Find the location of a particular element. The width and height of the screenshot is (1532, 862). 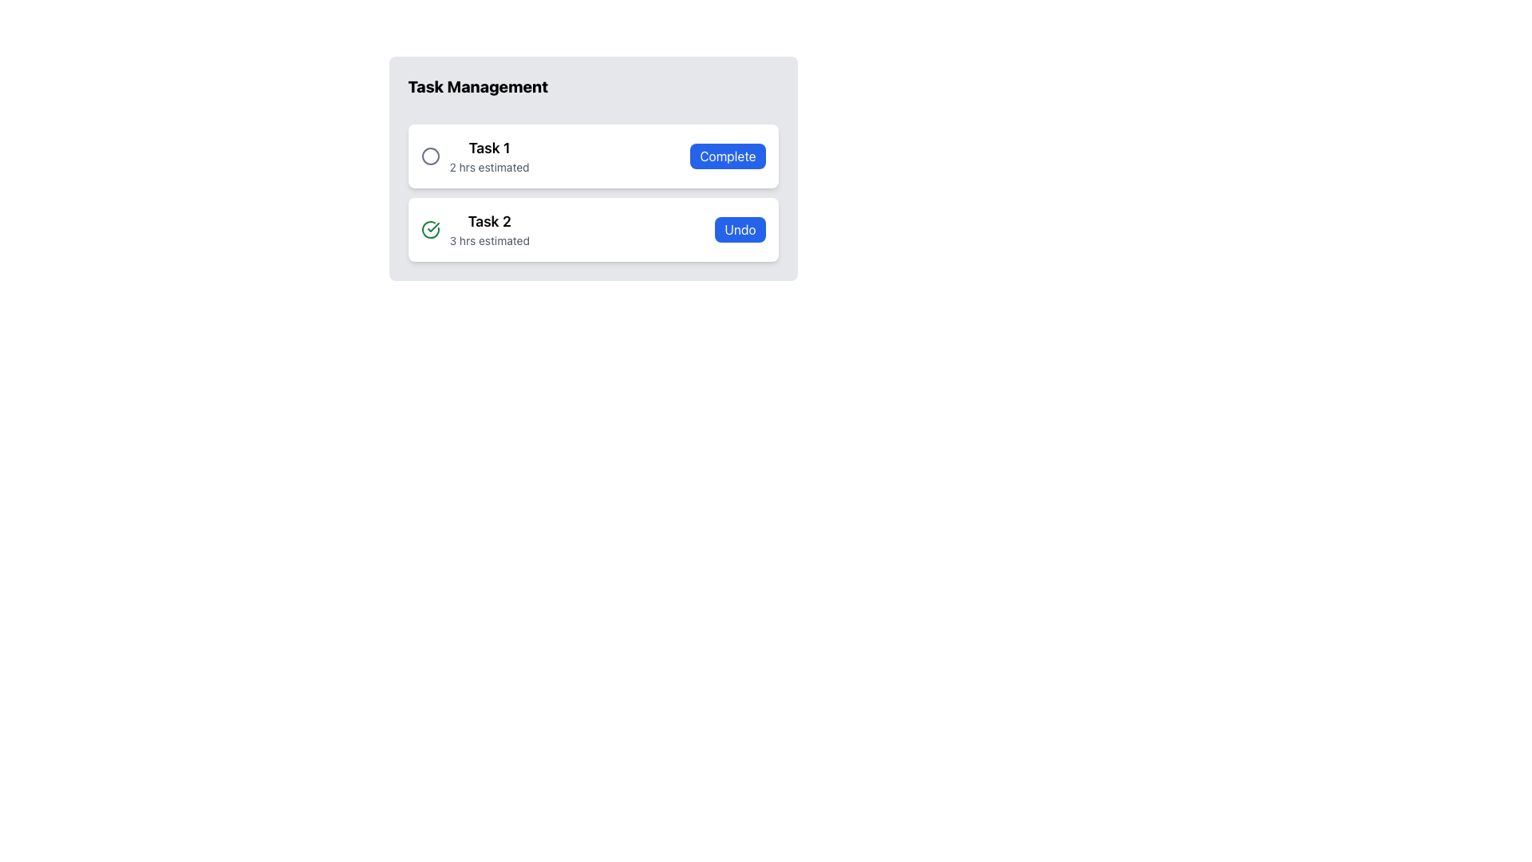

the circular icon with a thin stroke line and transparent interior located to the left of the text 'Task 1' in the task management module is located at coordinates (430, 156).